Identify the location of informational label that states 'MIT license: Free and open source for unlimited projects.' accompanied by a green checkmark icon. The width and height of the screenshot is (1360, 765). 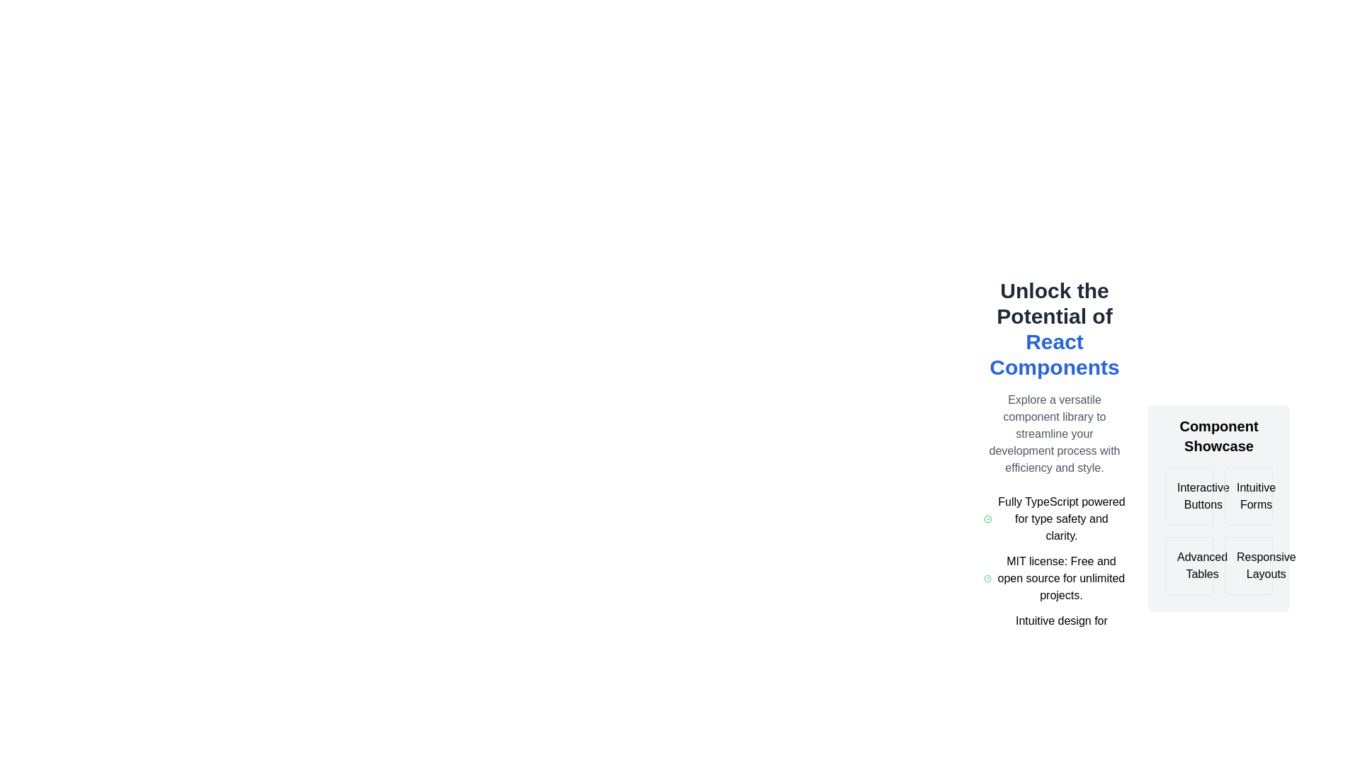
(1054, 579).